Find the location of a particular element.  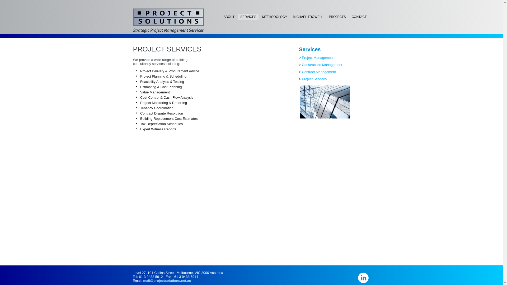

'Project Services' is located at coordinates (314, 79).